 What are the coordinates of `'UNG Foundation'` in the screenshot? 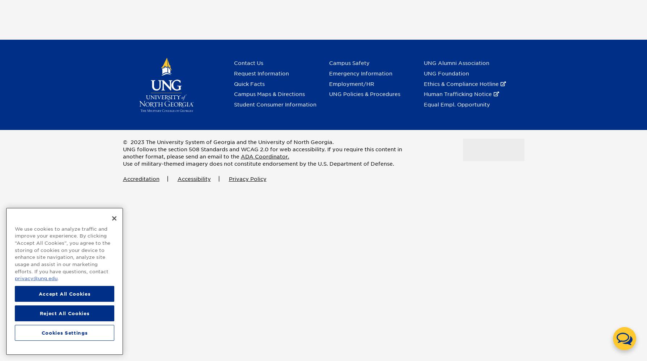 It's located at (446, 73).